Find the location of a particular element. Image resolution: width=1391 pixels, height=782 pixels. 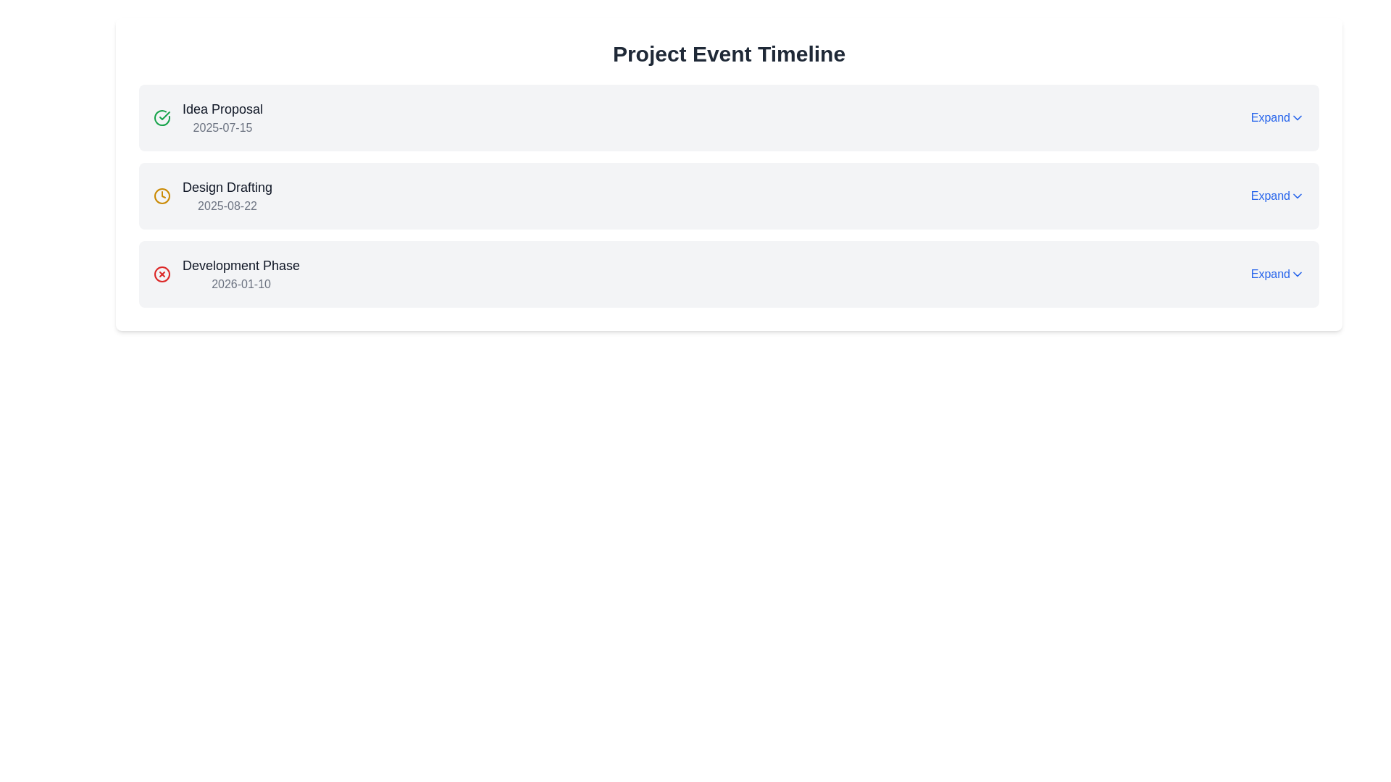

the 'Development Phase' list item is located at coordinates (225, 274).